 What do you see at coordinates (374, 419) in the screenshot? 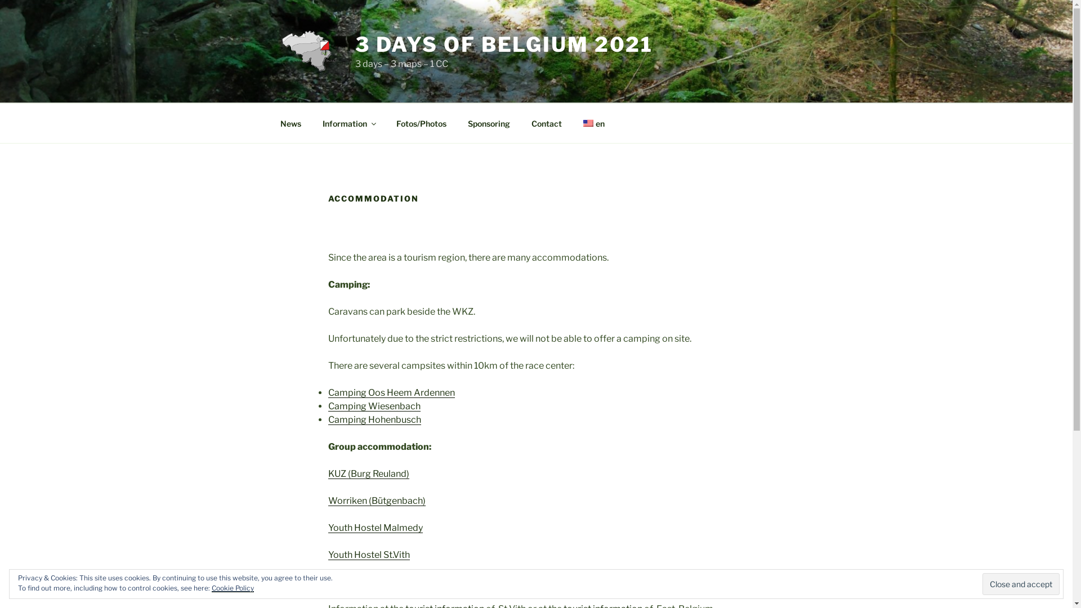
I see `'Camping Hohenbusch'` at bounding box center [374, 419].